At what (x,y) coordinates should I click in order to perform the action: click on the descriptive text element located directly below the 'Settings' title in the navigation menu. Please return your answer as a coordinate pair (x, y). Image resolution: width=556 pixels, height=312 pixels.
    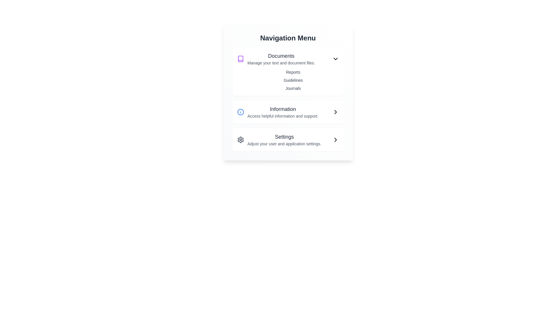
    Looking at the image, I should click on (284, 143).